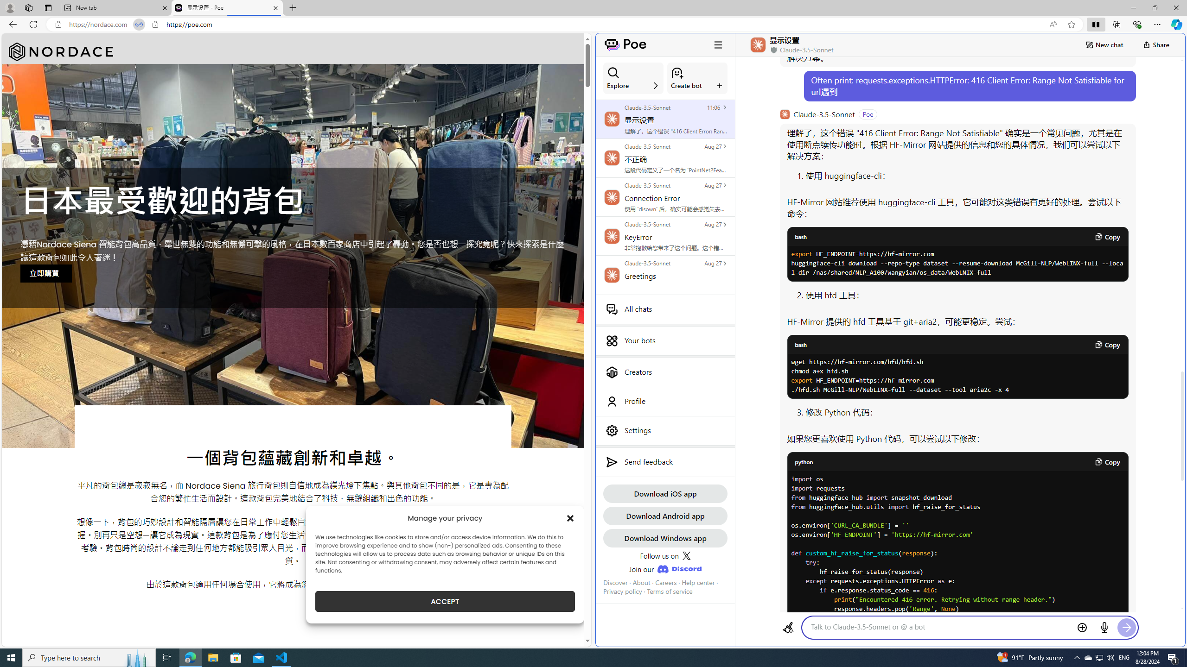  What do you see at coordinates (613, 72) in the screenshot?
I see `'Class: ManageBotsCardSection_searchIcon__laGLi'` at bounding box center [613, 72].